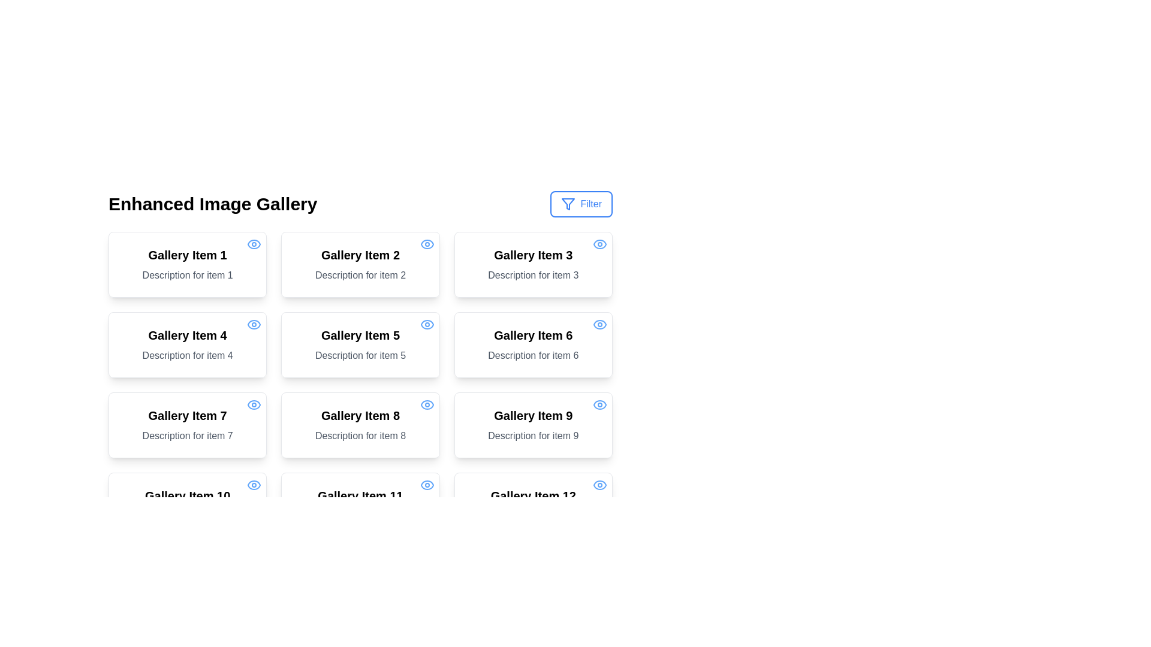 The height and width of the screenshot is (647, 1151). Describe the element at coordinates (187, 355) in the screenshot. I see `the text label providing supplementary information for 'Gallery Item 4', located in the bottom portion of the card in the second row, first column of the grid` at that location.